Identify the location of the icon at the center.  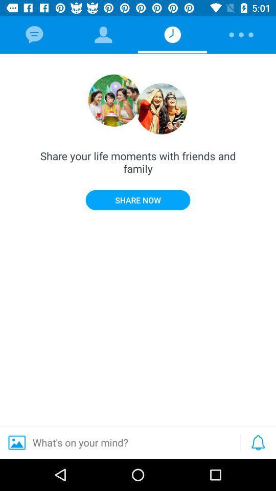
(138, 199).